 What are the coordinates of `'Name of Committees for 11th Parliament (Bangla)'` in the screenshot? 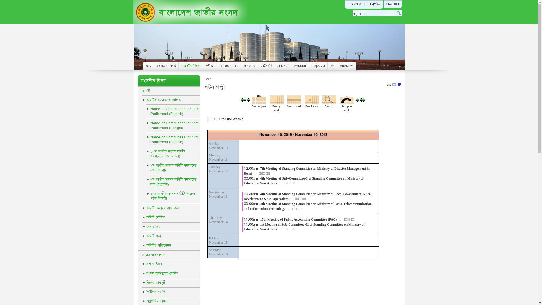 It's located at (173, 125).